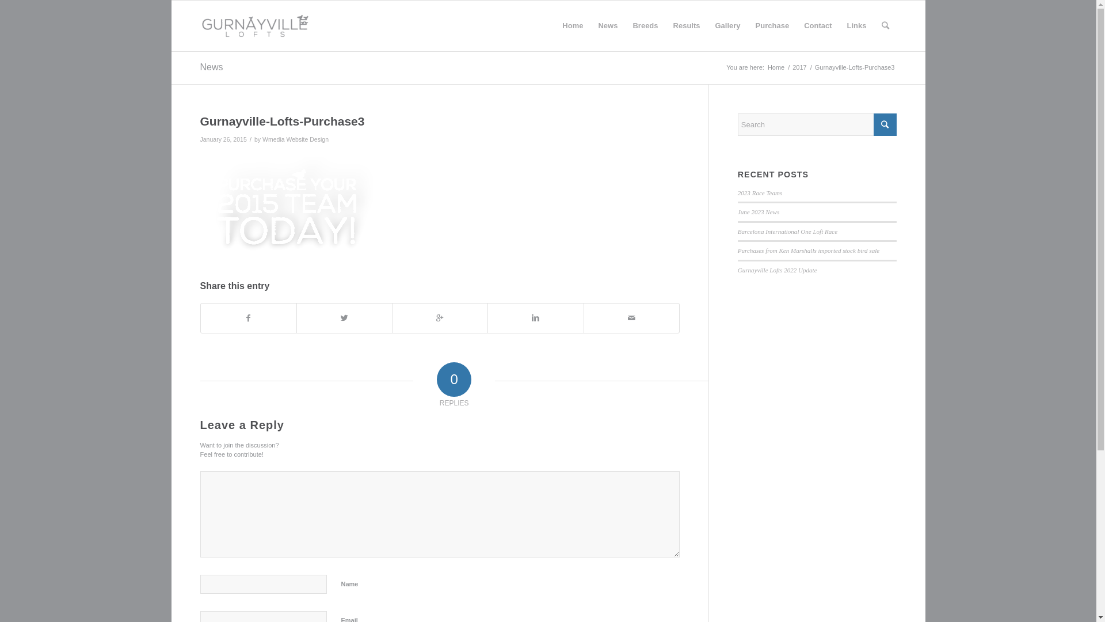 This screenshot has height=622, width=1105. Describe the element at coordinates (212, 67) in the screenshot. I see `'News'` at that location.